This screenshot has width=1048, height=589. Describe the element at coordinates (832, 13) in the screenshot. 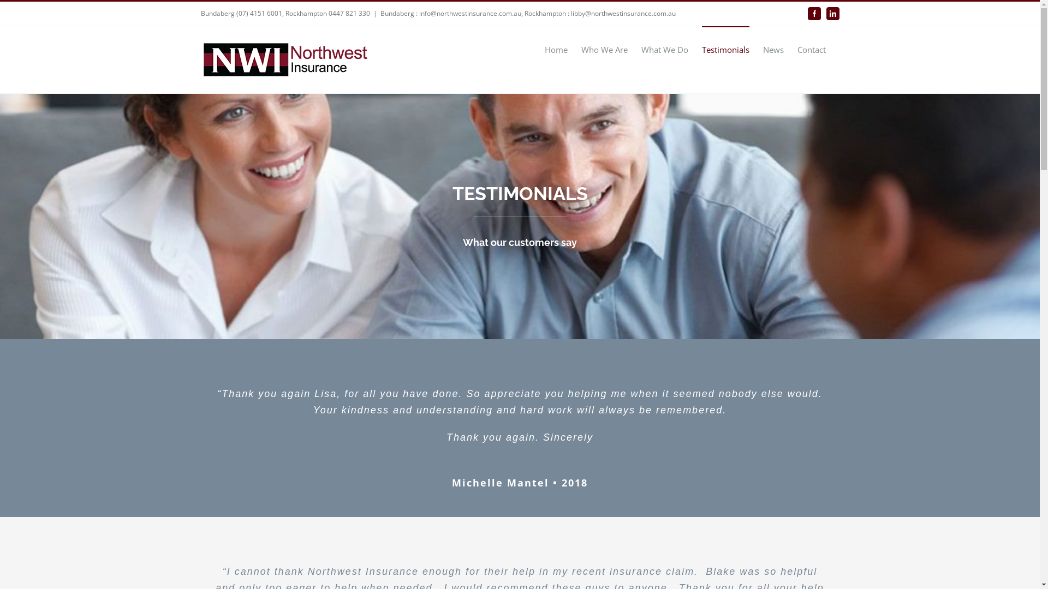

I see `'LinkedIn'` at that location.